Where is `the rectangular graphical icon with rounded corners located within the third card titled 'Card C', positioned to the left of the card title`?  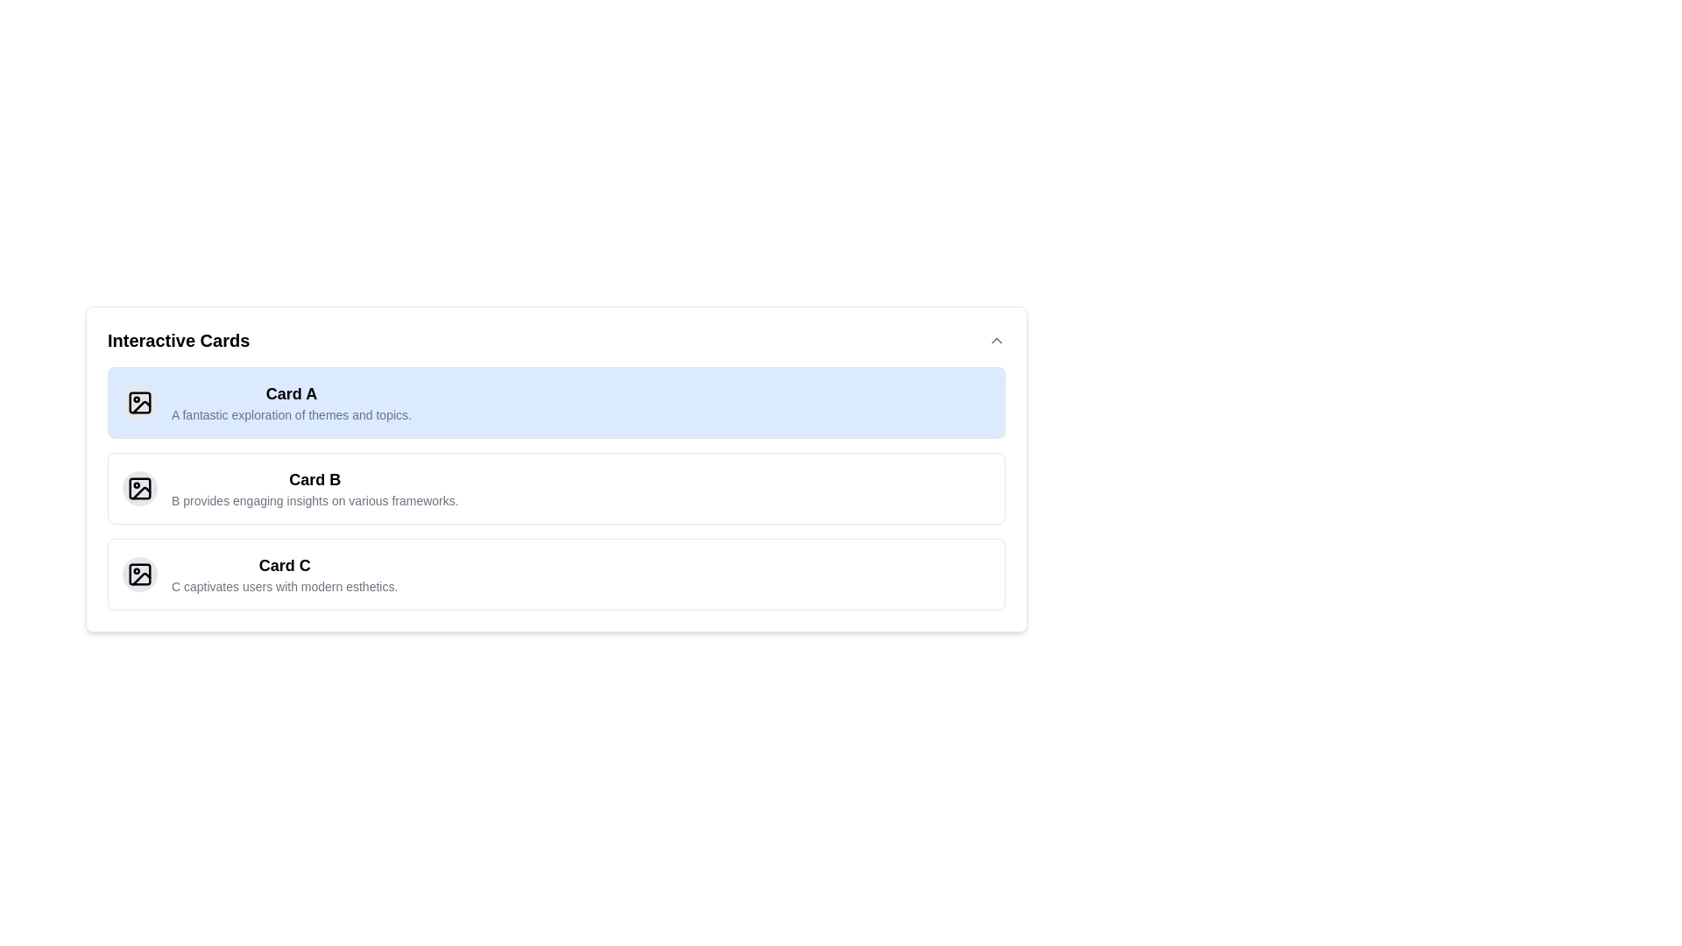
the rectangular graphical icon with rounded corners located within the third card titled 'Card C', positioned to the left of the card title is located at coordinates (138, 574).